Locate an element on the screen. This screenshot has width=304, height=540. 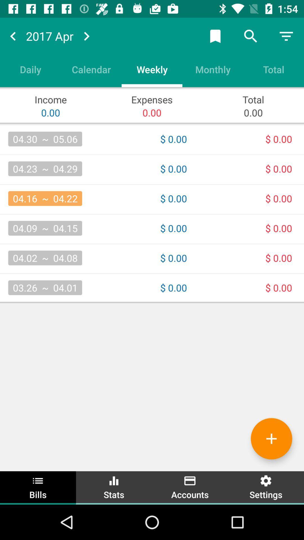
icon next to daily item is located at coordinates (91, 69).